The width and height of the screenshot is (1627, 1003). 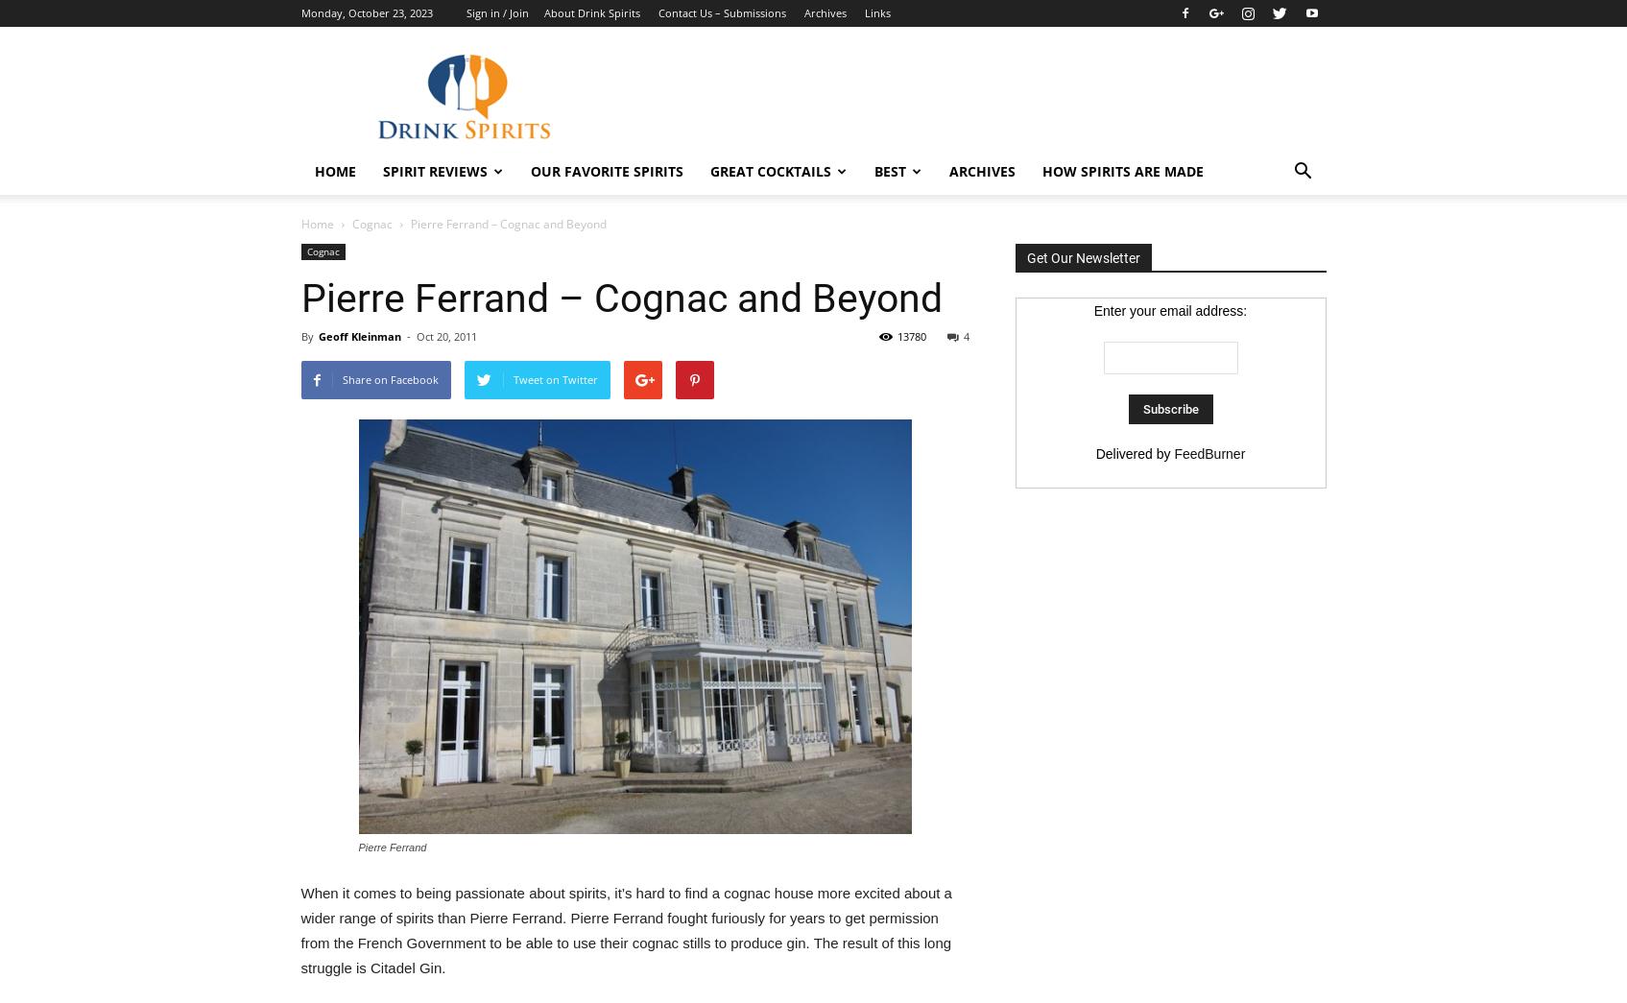 I want to click on 'Geoff Kleinman', so click(x=357, y=335).